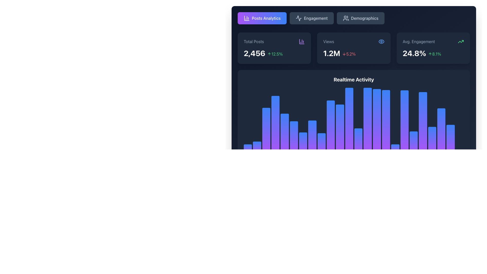 Image resolution: width=487 pixels, height=274 pixels. Describe the element at coordinates (349, 130) in the screenshot. I see `the twelfth graphical bar in the bar chart, which represents a specific data point and is centrally located among similar bars` at that location.